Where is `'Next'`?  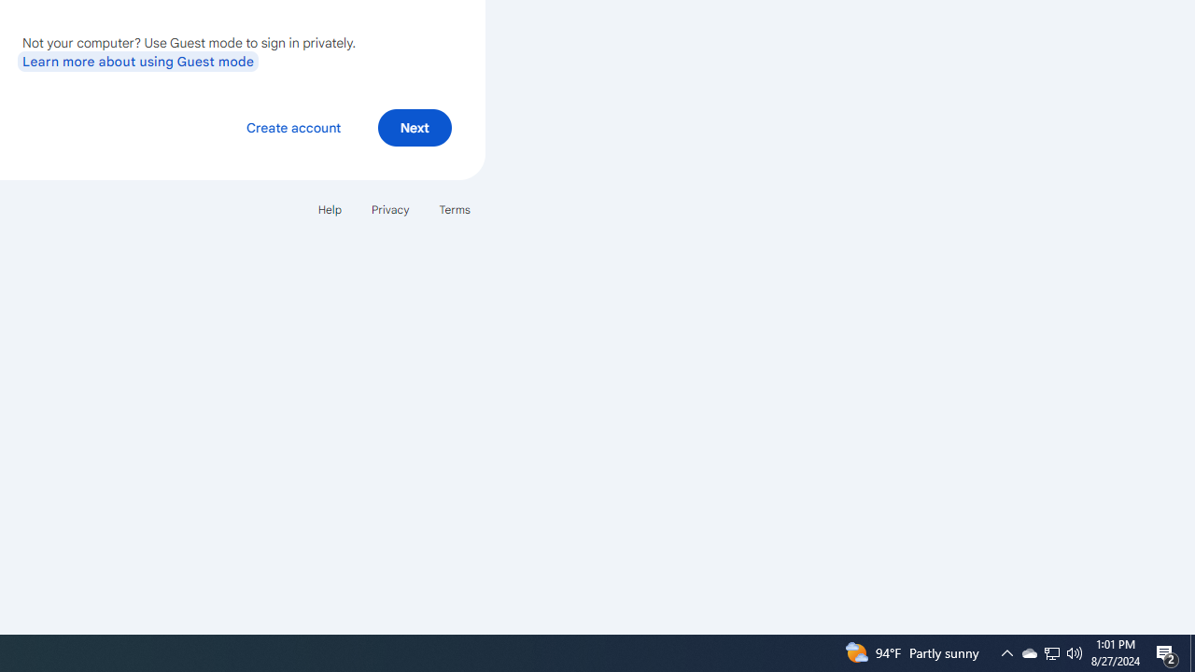 'Next' is located at coordinates (414, 126).